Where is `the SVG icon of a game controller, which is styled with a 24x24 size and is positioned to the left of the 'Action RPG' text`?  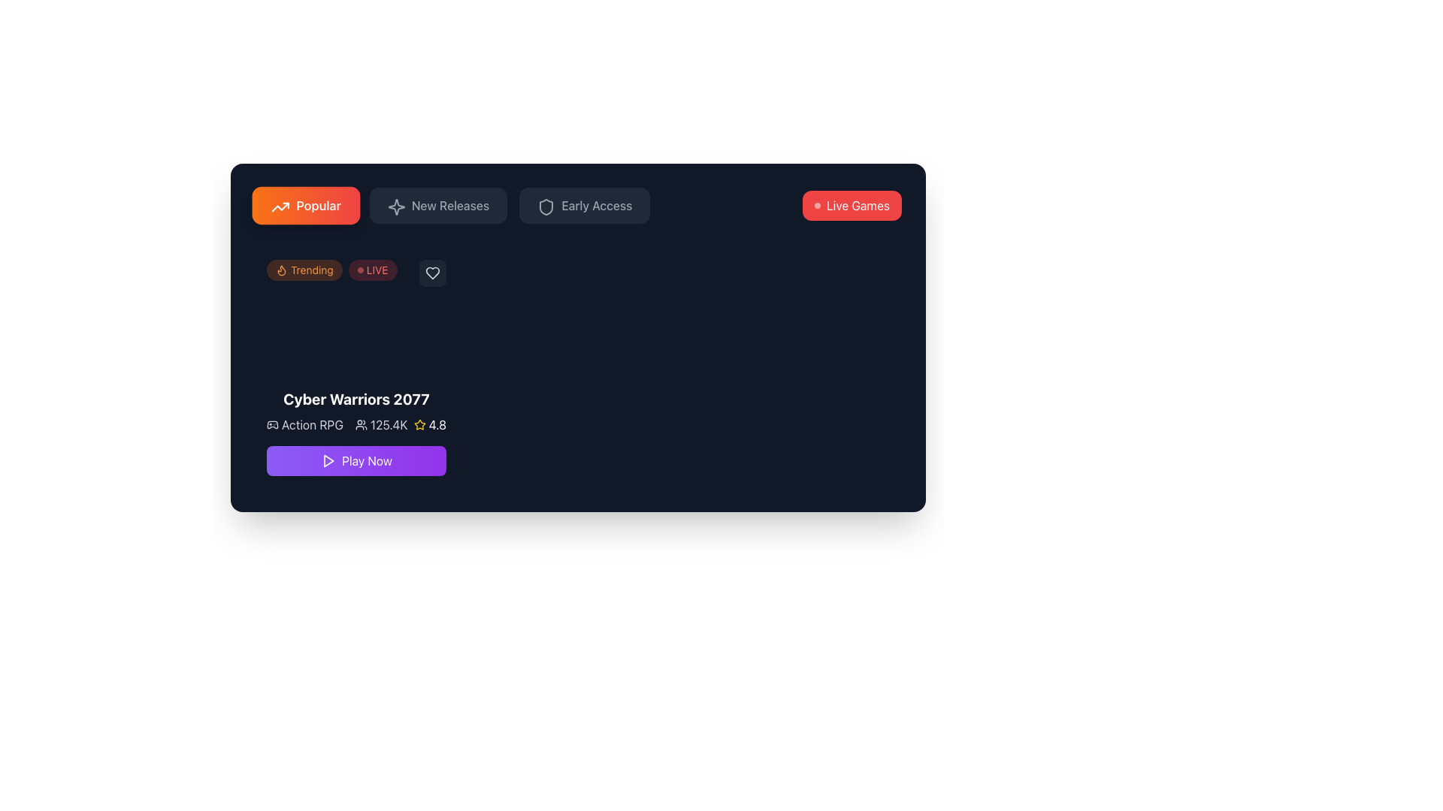 the SVG icon of a game controller, which is styled with a 24x24 size and is positioned to the left of the 'Action RPG' text is located at coordinates (273, 425).